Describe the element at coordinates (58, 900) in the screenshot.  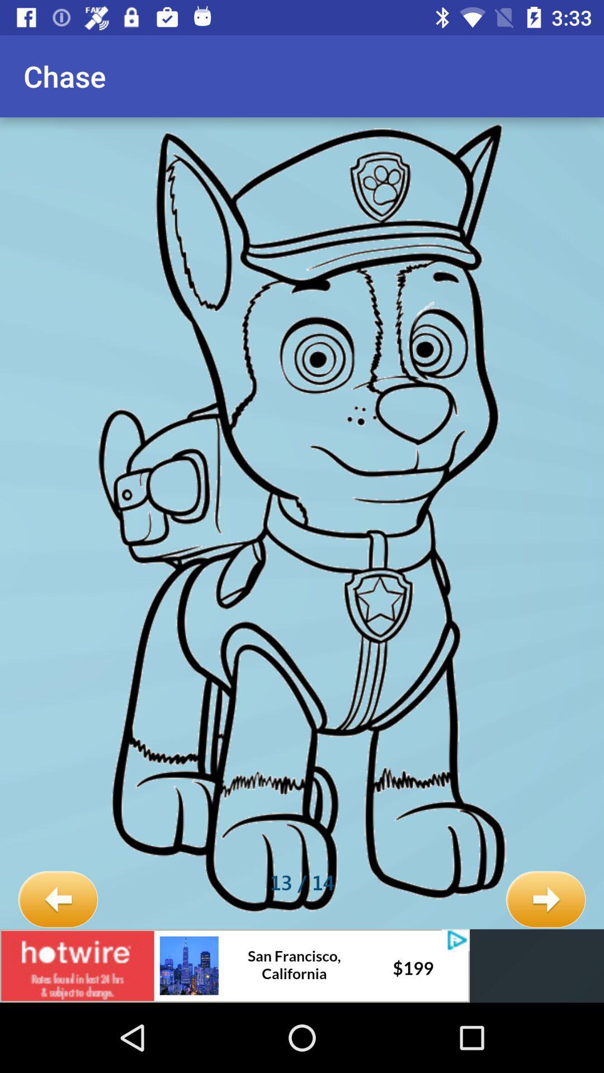
I see `the icon at the bottom left corner` at that location.